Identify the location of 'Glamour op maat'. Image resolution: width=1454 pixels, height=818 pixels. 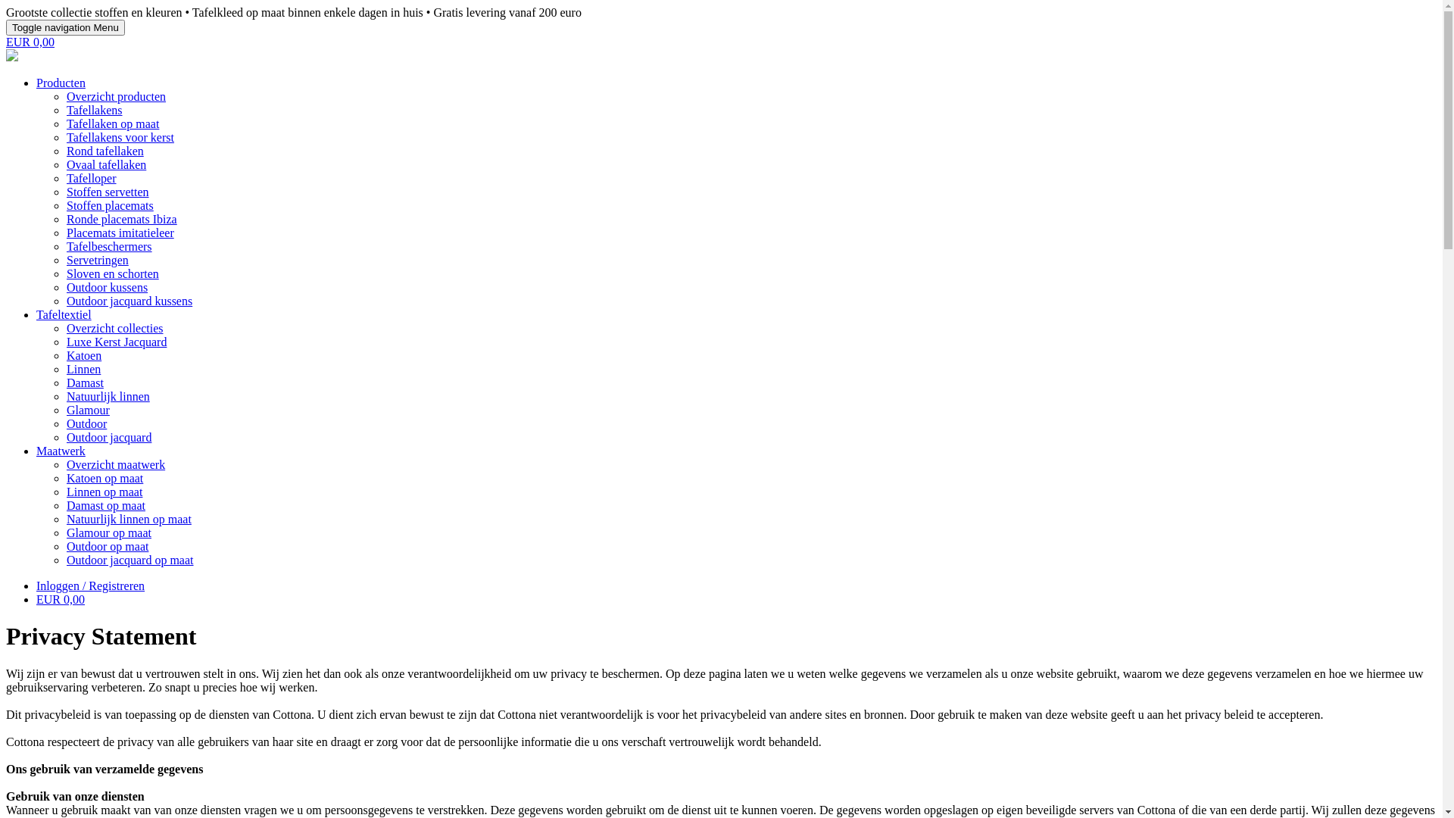
(65, 532).